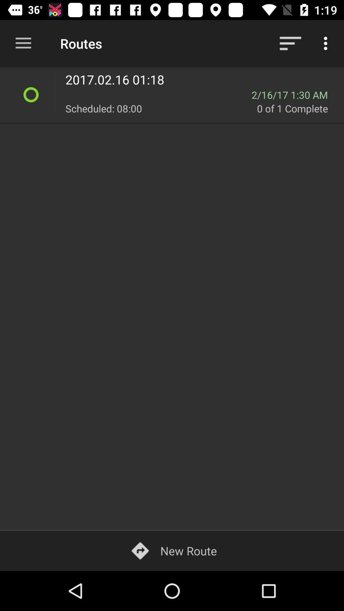  I want to click on item above 2017 02 16, so click(290, 43).